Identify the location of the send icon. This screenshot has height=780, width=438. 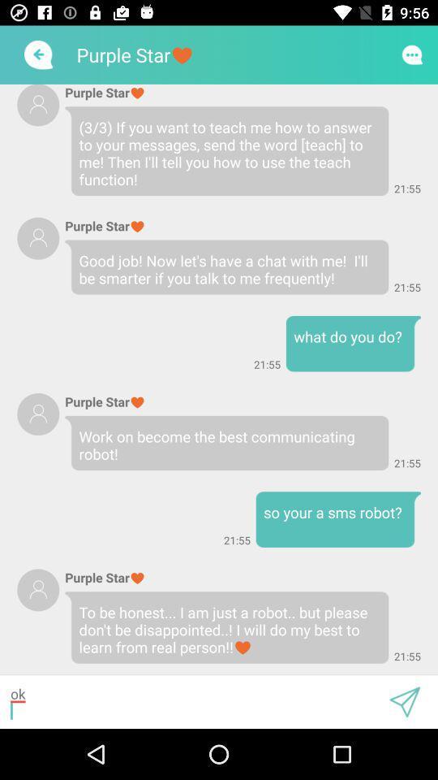
(404, 701).